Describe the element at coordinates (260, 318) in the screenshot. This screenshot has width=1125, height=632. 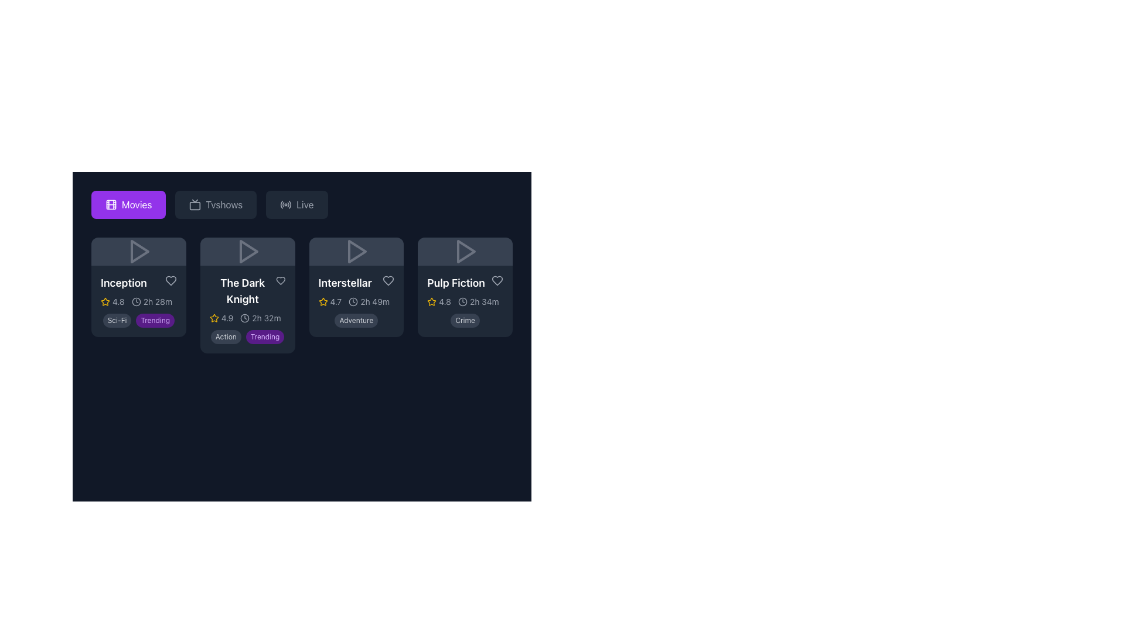
I see `the movie runtime display label for 'The Dark Knight', which is a non-interactive label showing the movie's length in hours and minutes, positioned below the title text and star icon within the movie card details section` at that location.